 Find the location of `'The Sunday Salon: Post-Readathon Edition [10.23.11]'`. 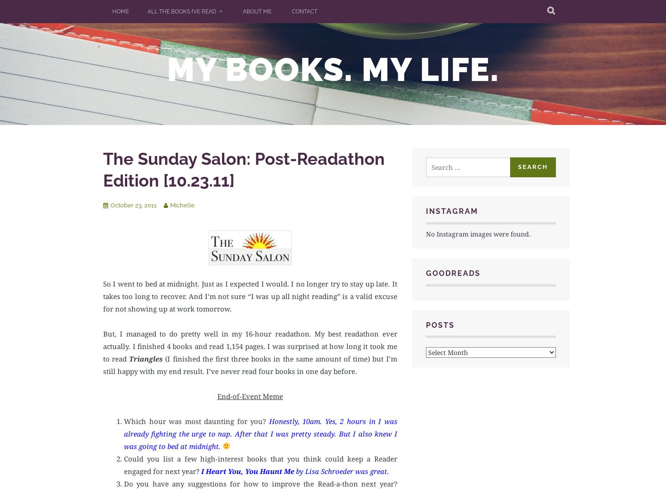

'The Sunday Salon: Post-Readathon Edition [10.23.11]' is located at coordinates (103, 169).